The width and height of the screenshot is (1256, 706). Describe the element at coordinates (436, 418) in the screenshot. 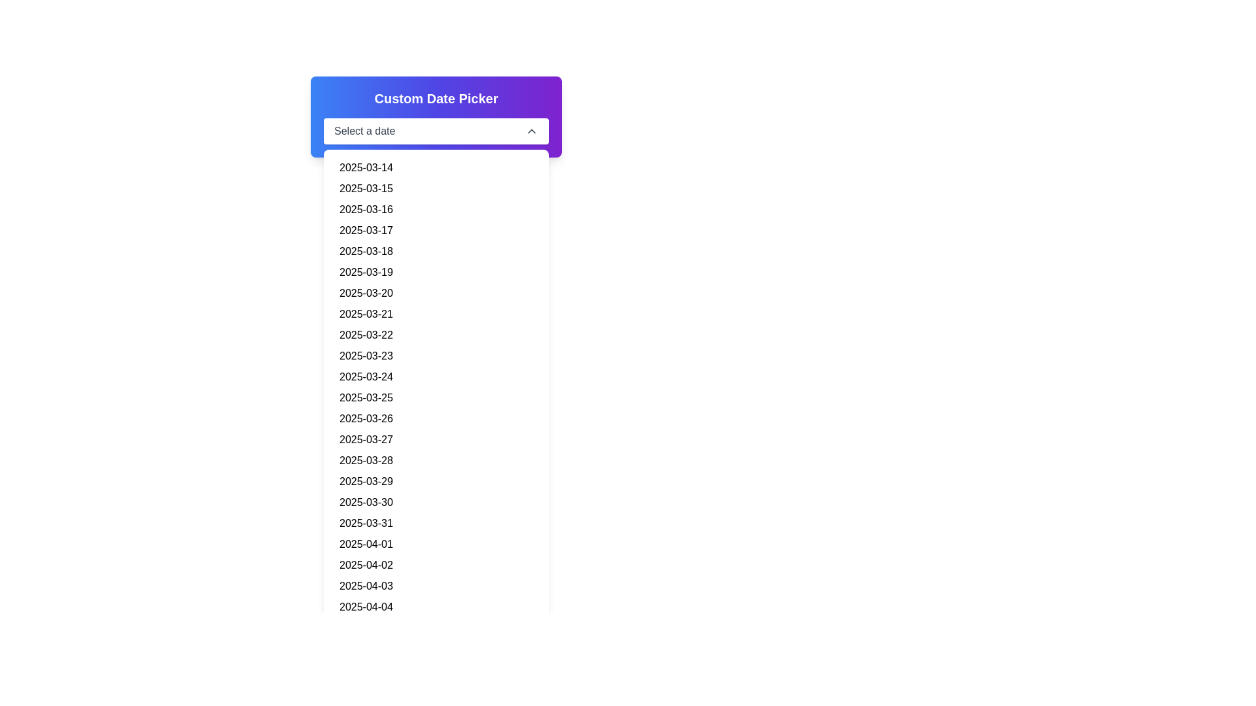

I see `the thirteenth selectable date option in the dropdown list` at that location.